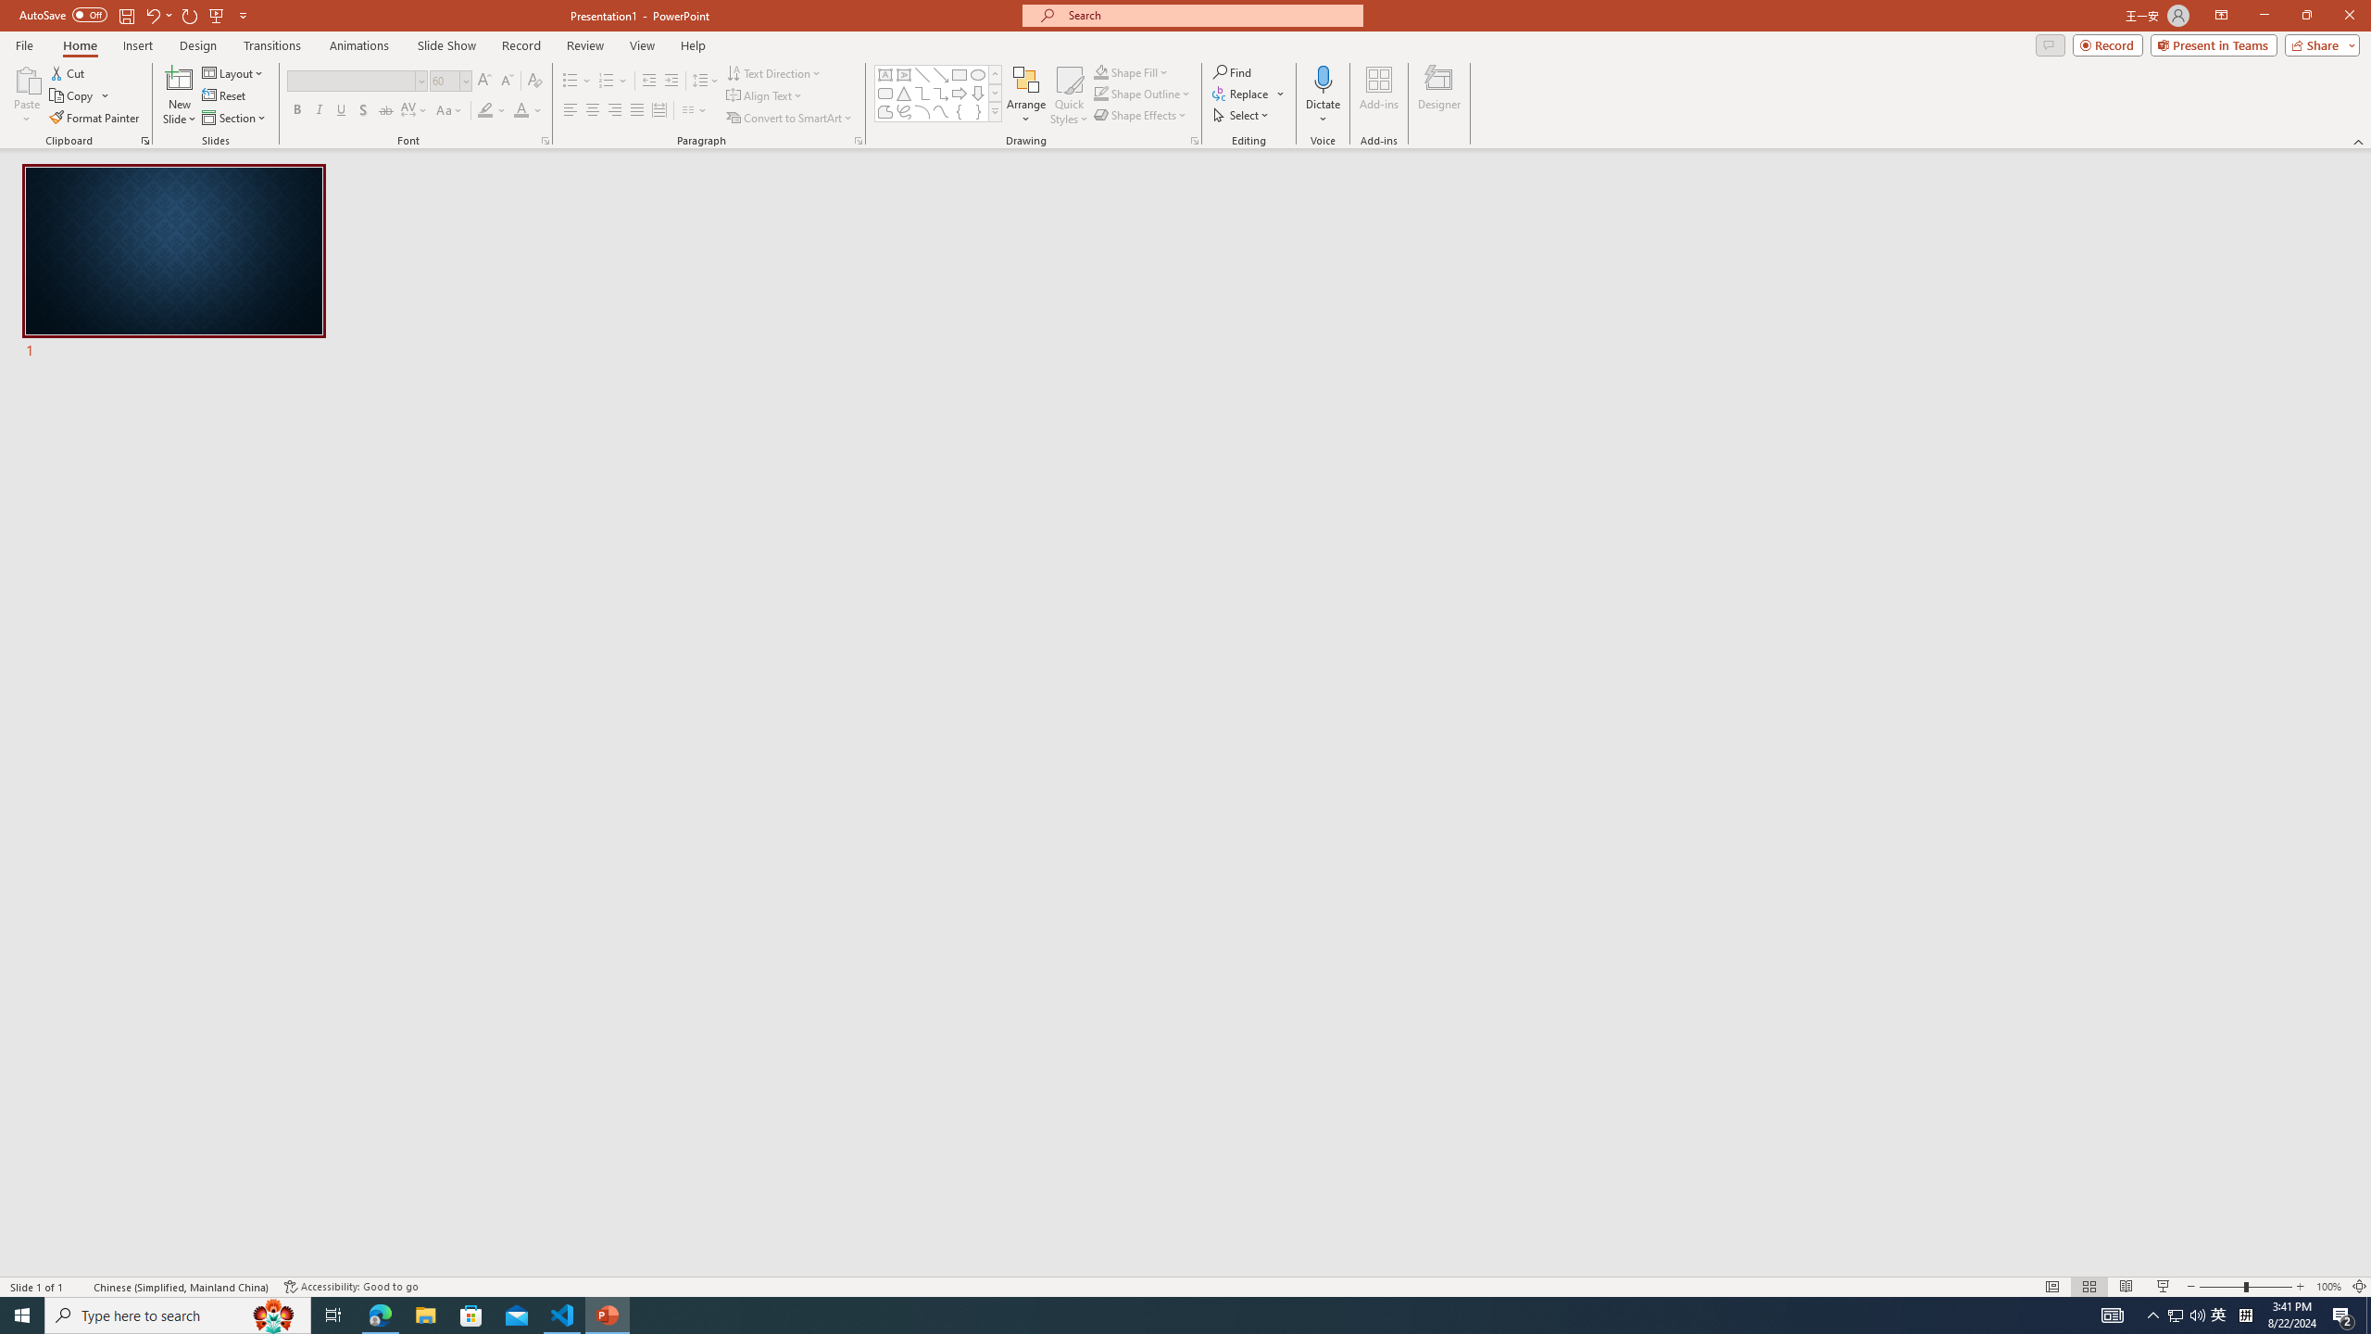 This screenshot has width=2371, height=1334. Describe the element at coordinates (544, 139) in the screenshot. I see `'Font...'` at that location.